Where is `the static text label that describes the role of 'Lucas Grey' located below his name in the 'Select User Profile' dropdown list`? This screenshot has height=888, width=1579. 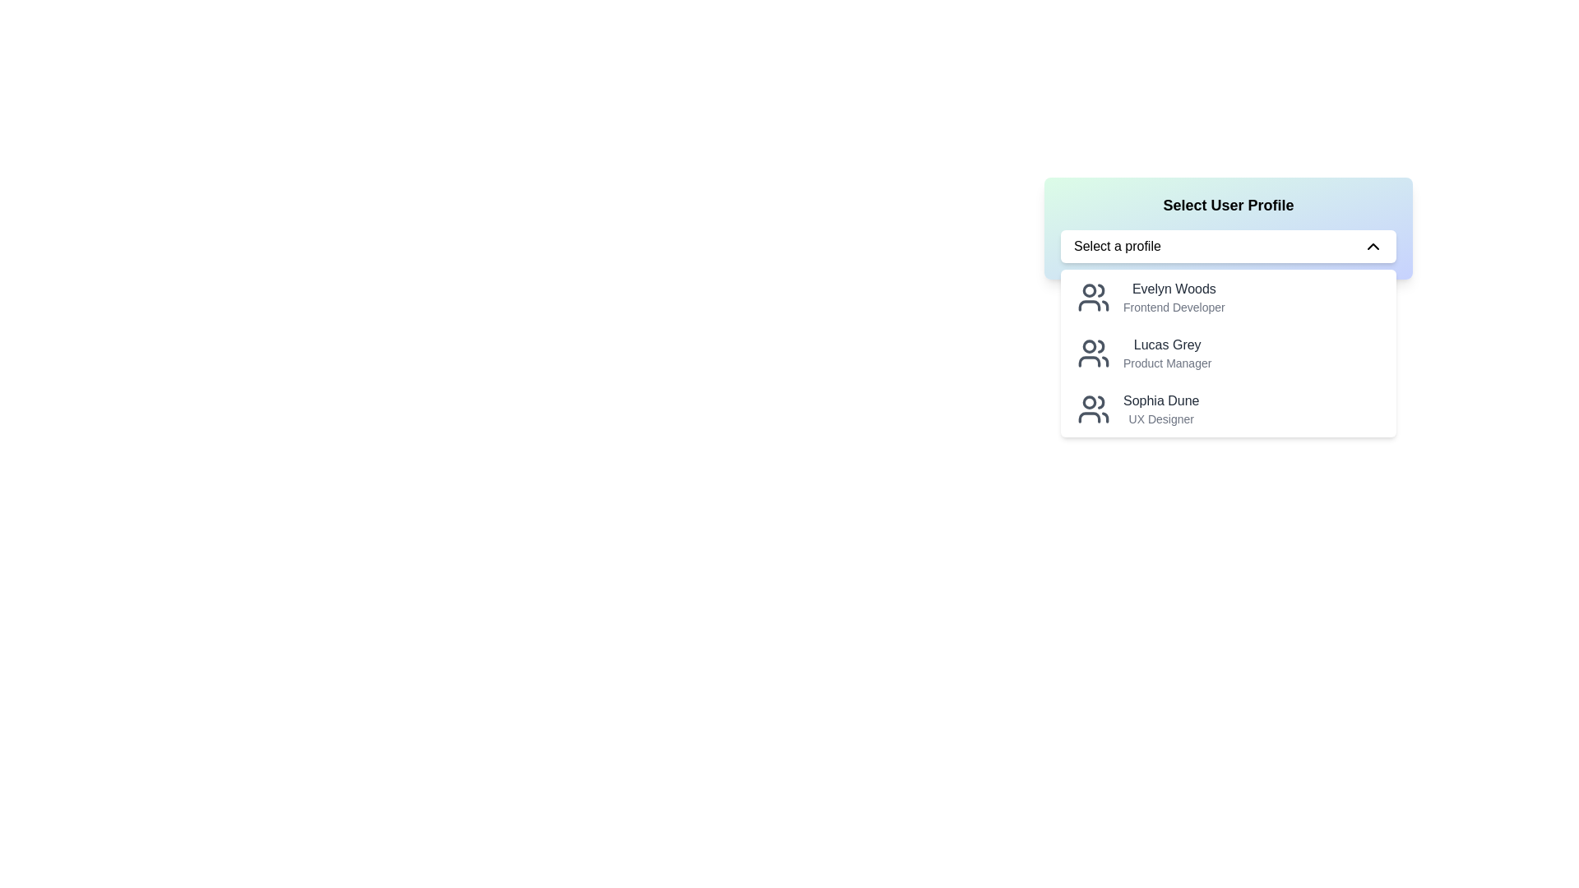 the static text label that describes the role of 'Lucas Grey' located below his name in the 'Select User Profile' dropdown list is located at coordinates (1166, 363).